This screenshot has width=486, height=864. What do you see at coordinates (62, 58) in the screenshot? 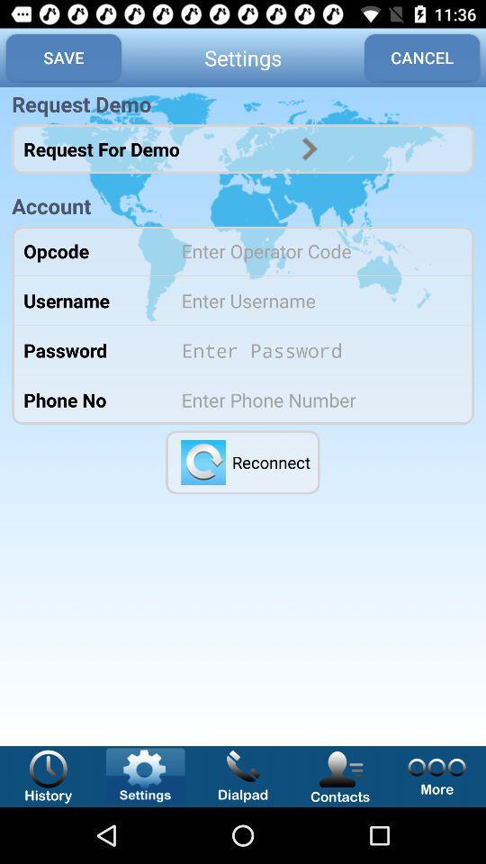
I see `the icon to the left of settings item` at bounding box center [62, 58].